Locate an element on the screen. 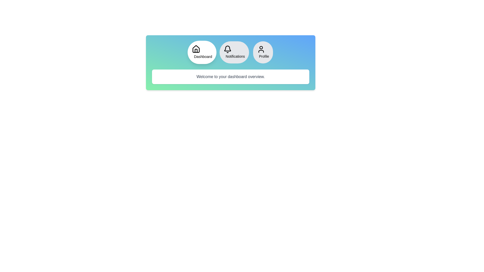 Image resolution: width=484 pixels, height=272 pixels. the Profile tab to switch to its content is located at coordinates (262, 52).